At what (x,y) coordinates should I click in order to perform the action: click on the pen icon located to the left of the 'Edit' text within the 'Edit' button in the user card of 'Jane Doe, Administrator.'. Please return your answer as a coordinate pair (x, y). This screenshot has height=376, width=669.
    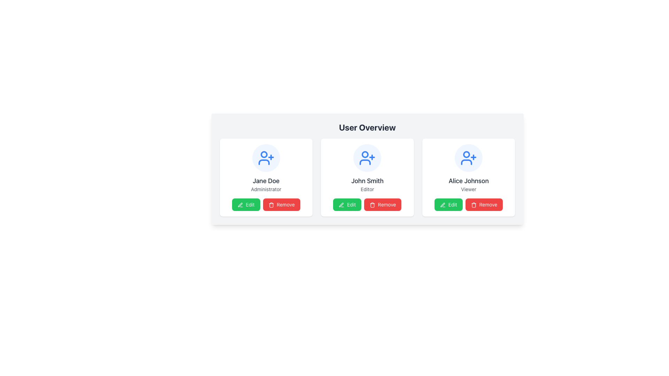
    Looking at the image, I should click on (240, 205).